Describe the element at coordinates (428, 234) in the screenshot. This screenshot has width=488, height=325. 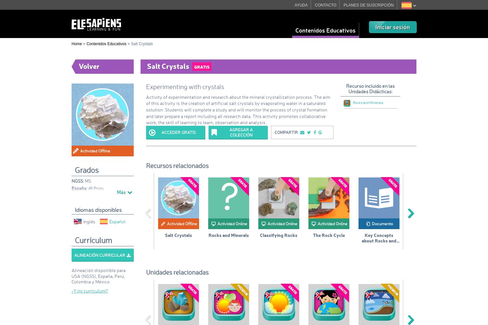
I see `'A Rocky Planet'` at that location.